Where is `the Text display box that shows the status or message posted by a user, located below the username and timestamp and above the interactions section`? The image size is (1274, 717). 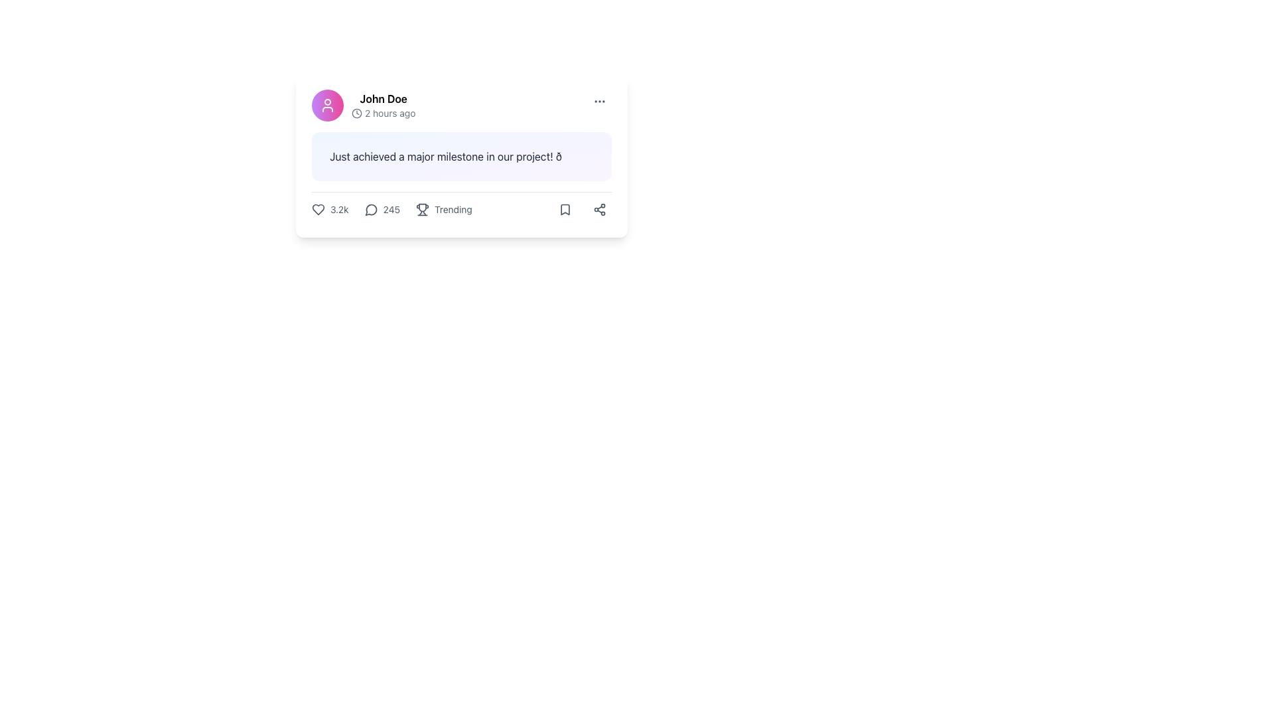 the Text display box that shows the status or message posted by a user, located below the username and timestamp and above the interactions section is located at coordinates (462, 155).